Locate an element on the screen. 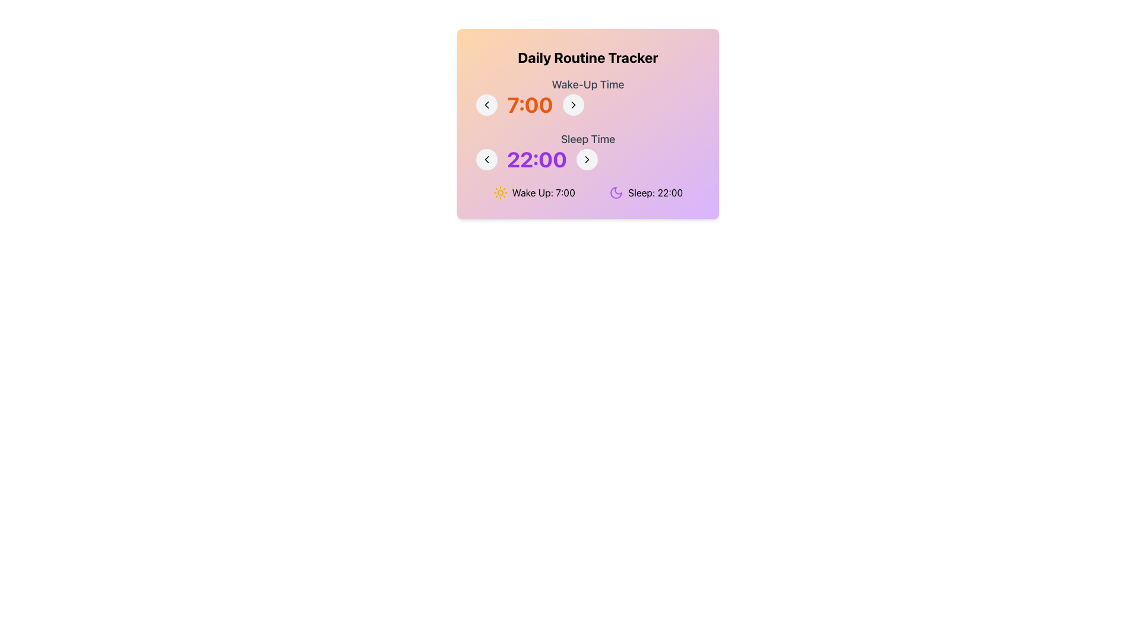 The width and height of the screenshot is (1140, 641). the chevron icon located to the right of the '22:00' text within the circular button in the 'Sleep Time' section is located at coordinates (573, 104).